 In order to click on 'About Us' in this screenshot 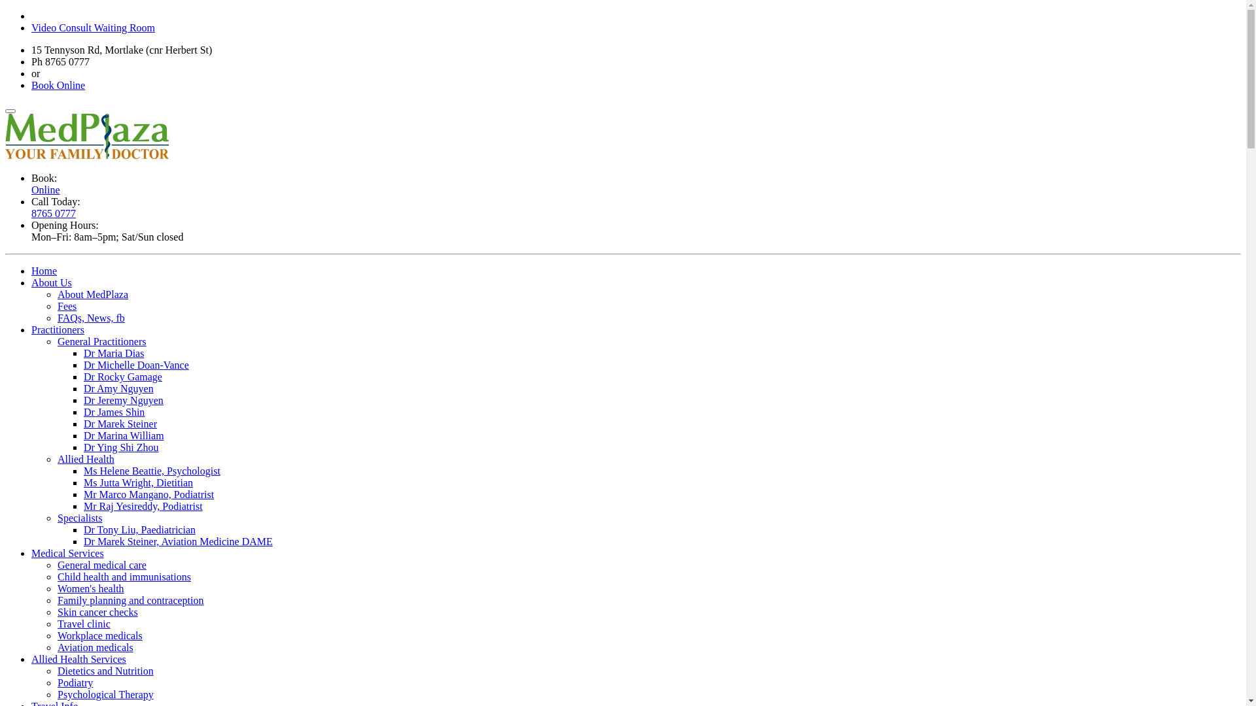, I will do `click(51, 282)`.